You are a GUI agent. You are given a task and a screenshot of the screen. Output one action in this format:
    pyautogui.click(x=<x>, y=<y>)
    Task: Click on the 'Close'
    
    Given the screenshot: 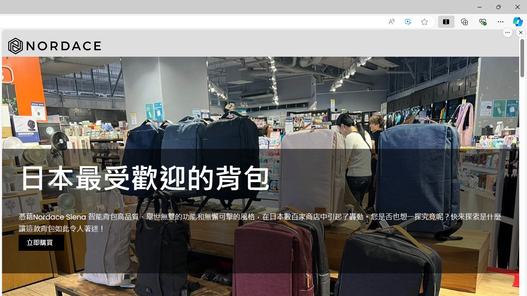 What is the action you would take?
    pyautogui.click(x=517, y=7)
    